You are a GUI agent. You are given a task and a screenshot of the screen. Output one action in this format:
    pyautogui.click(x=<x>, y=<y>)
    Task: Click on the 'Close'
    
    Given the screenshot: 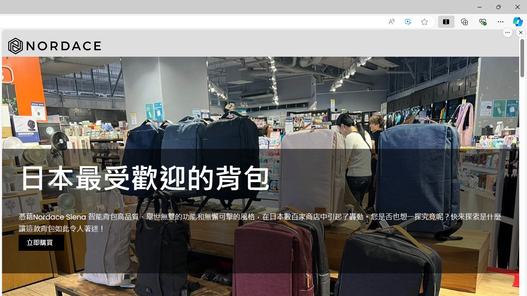 What is the action you would take?
    pyautogui.click(x=517, y=7)
    